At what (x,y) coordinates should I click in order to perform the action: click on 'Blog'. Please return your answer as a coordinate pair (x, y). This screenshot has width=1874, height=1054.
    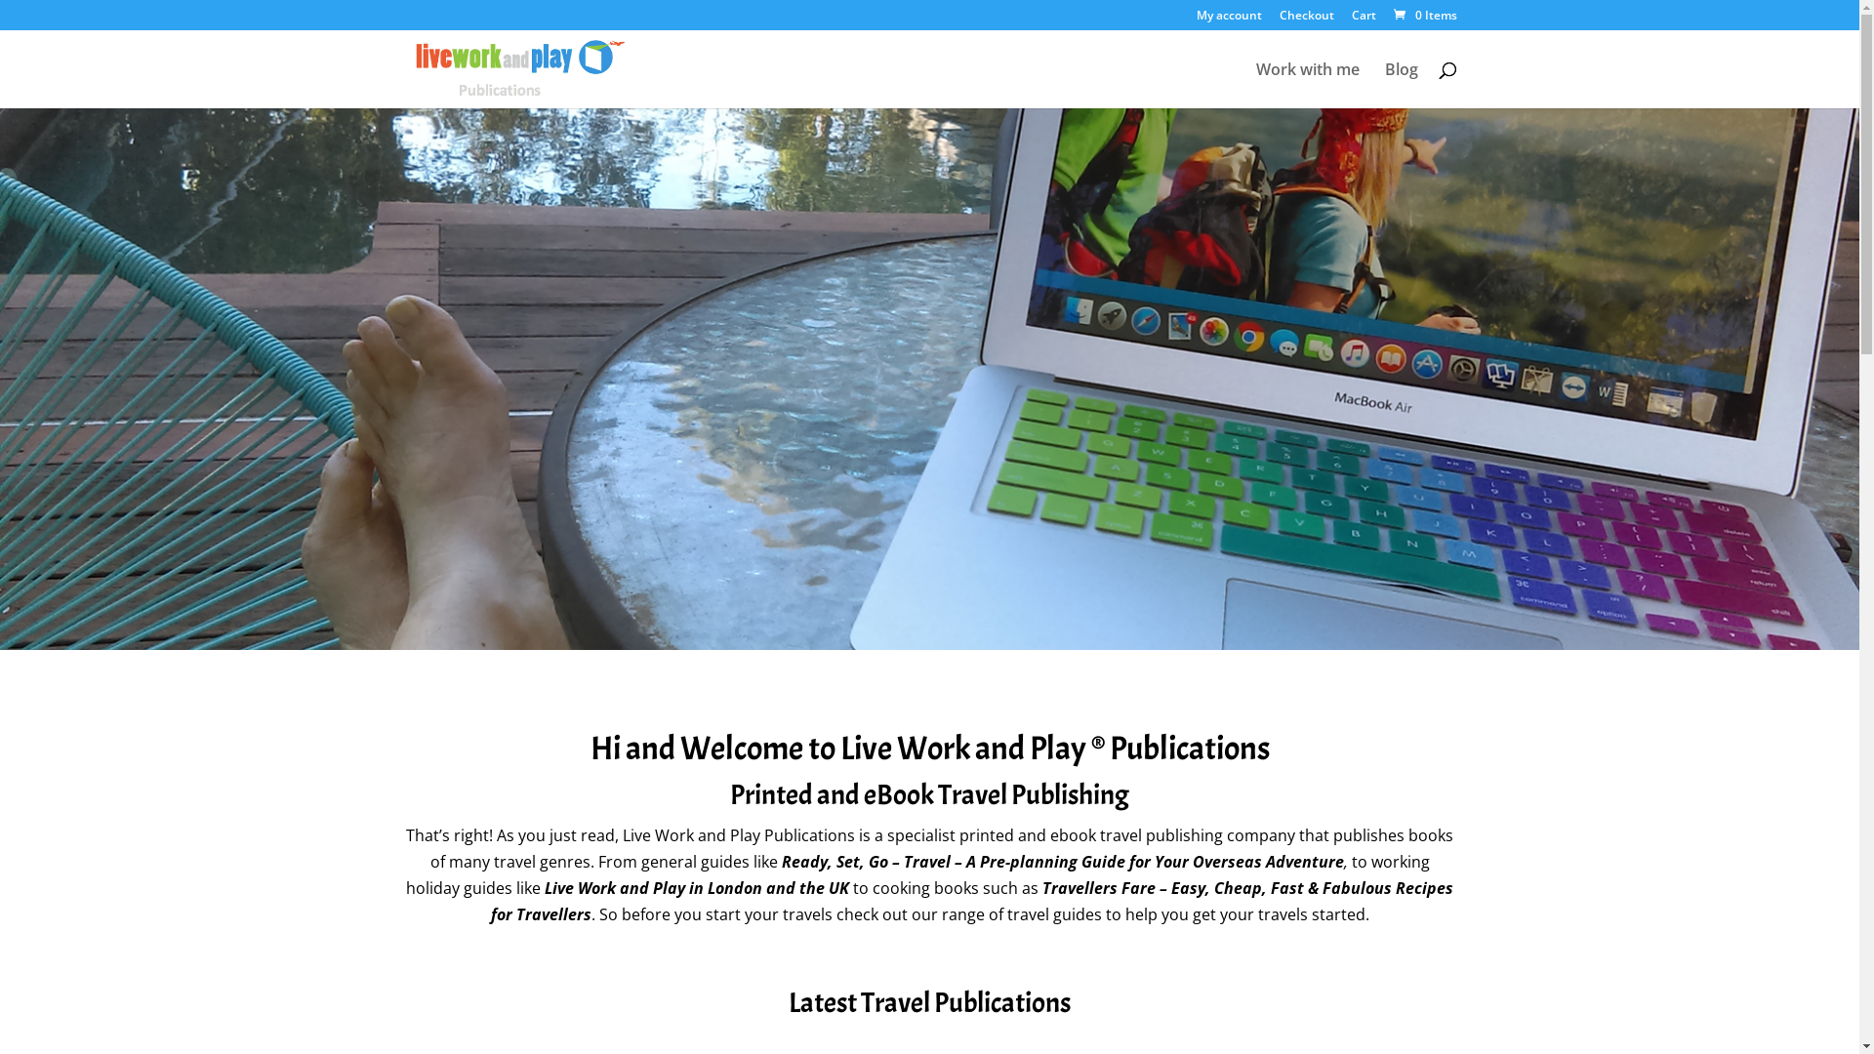
    Looking at the image, I should click on (1400, 84).